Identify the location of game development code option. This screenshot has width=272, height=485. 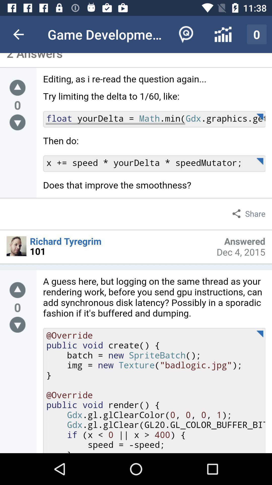
(154, 136).